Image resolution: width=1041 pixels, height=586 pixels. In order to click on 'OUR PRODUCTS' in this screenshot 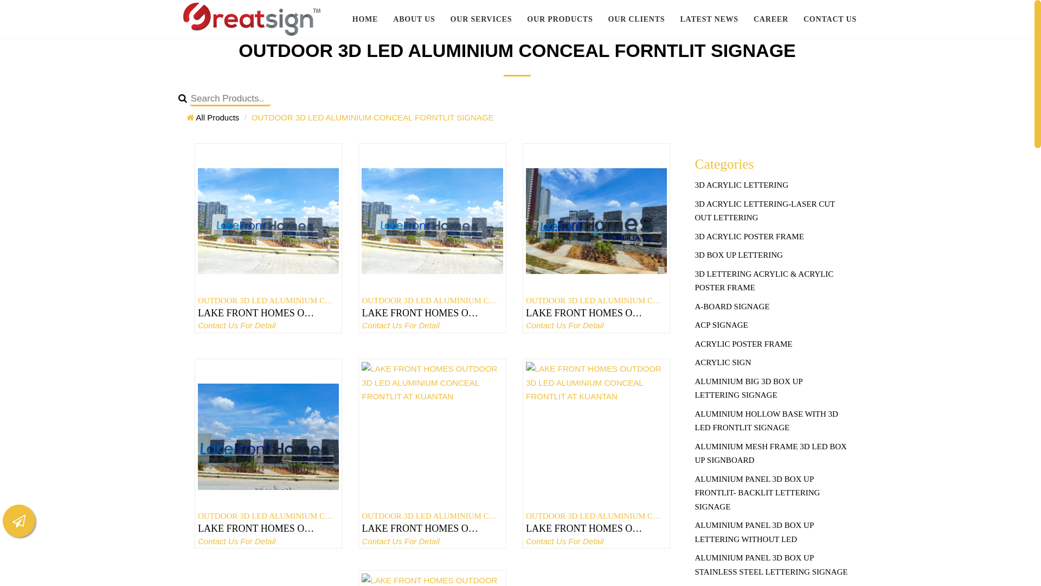, I will do `click(560, 19)`.